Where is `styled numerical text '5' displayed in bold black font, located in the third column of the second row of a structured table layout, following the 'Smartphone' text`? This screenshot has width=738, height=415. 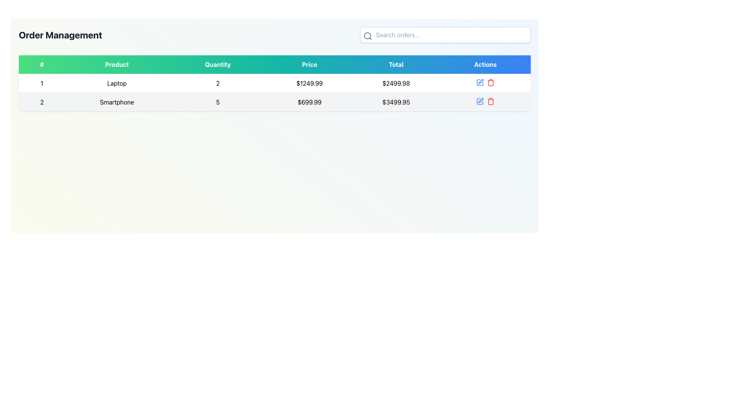
styled numerical text '5' displayed in bold black font, located in the third column of the second row of a structured table layout, following the 'Smartphone' text is located at coordinates (217, 101).